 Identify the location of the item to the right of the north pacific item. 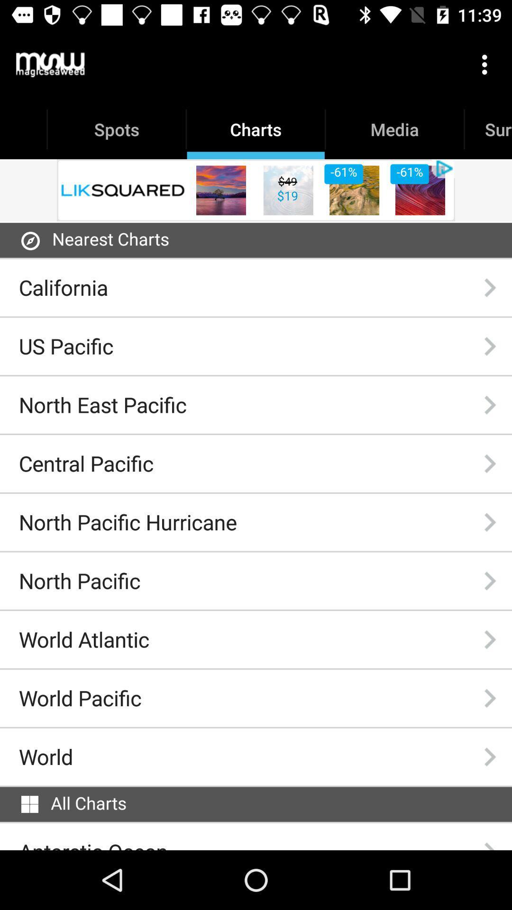
(490, 580).